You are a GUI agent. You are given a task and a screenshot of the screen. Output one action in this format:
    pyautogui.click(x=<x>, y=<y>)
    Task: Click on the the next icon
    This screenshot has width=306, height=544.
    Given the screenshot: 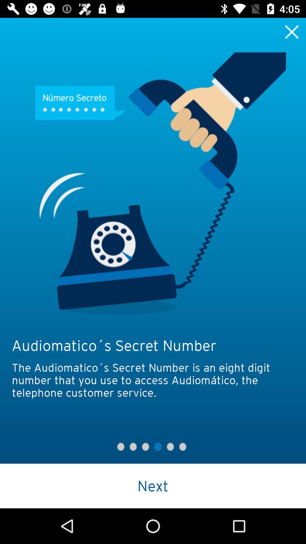 What is the action you would take?
    pyautogui.click(x=153, y=486)
    